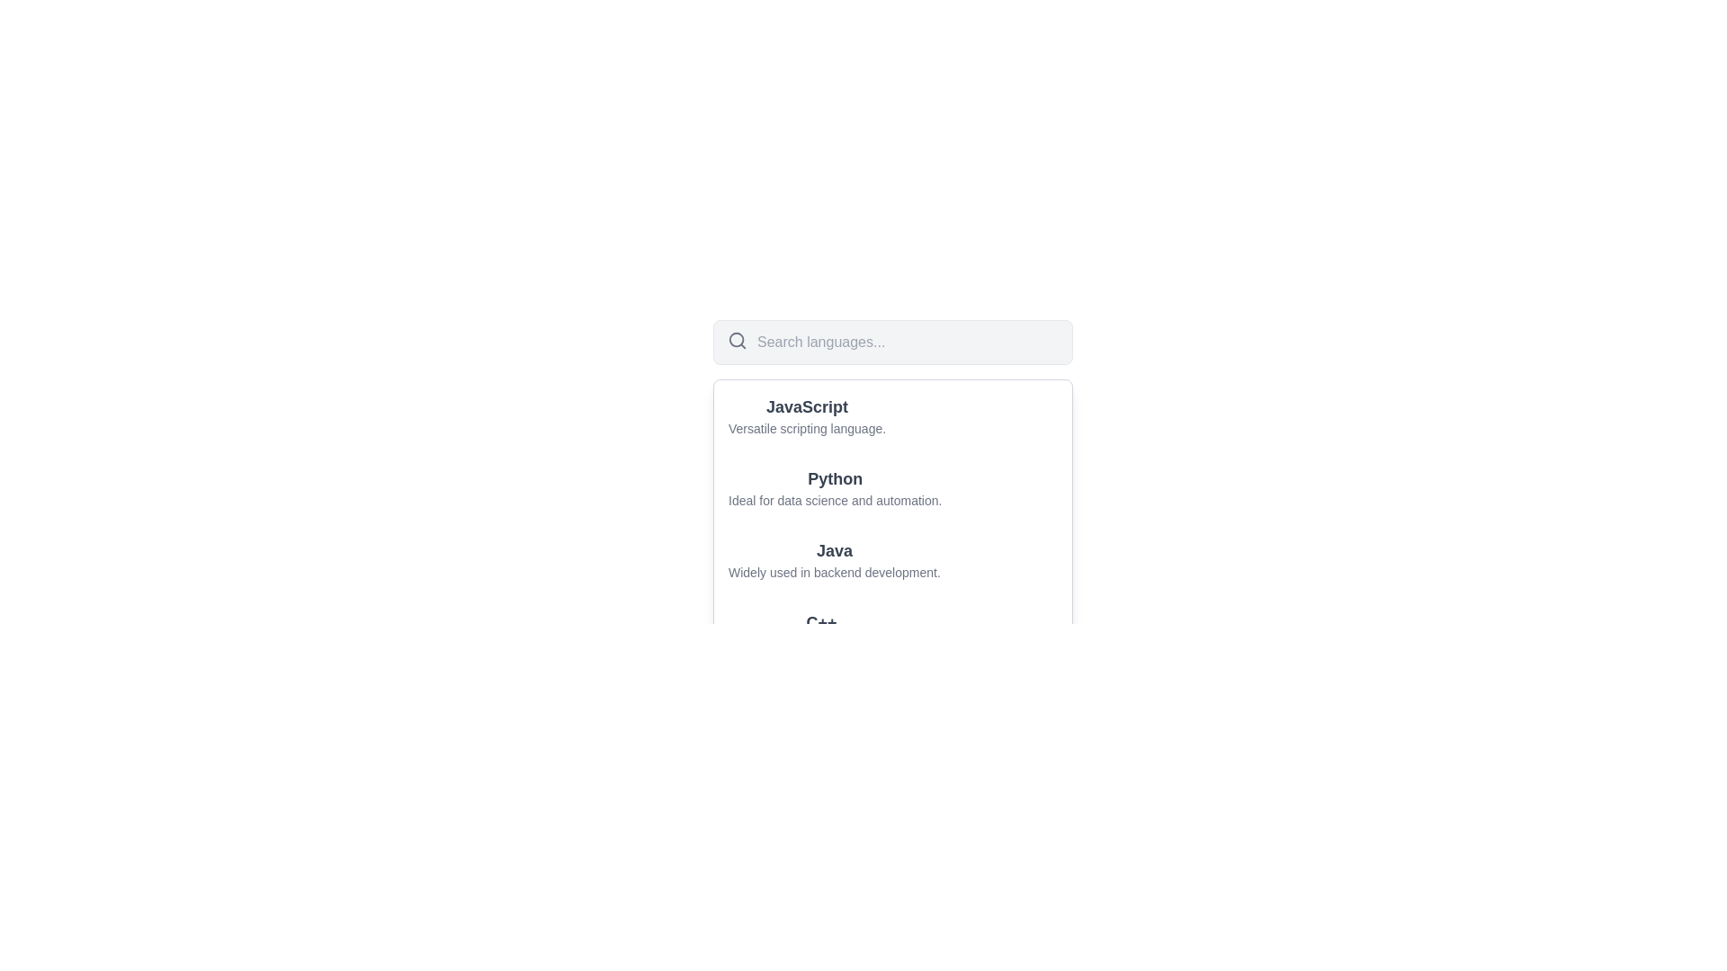 The width and height of the screenshot is (1727, 971). What do you see at coordinates (834, 500) in the screenshot?
I see `the text label that contains the phrase 'Ideal for data science and automation.' which is positioned below the bold 'Python' title in the vertically arranged list of programming languages` at bounding box center [834, 500].